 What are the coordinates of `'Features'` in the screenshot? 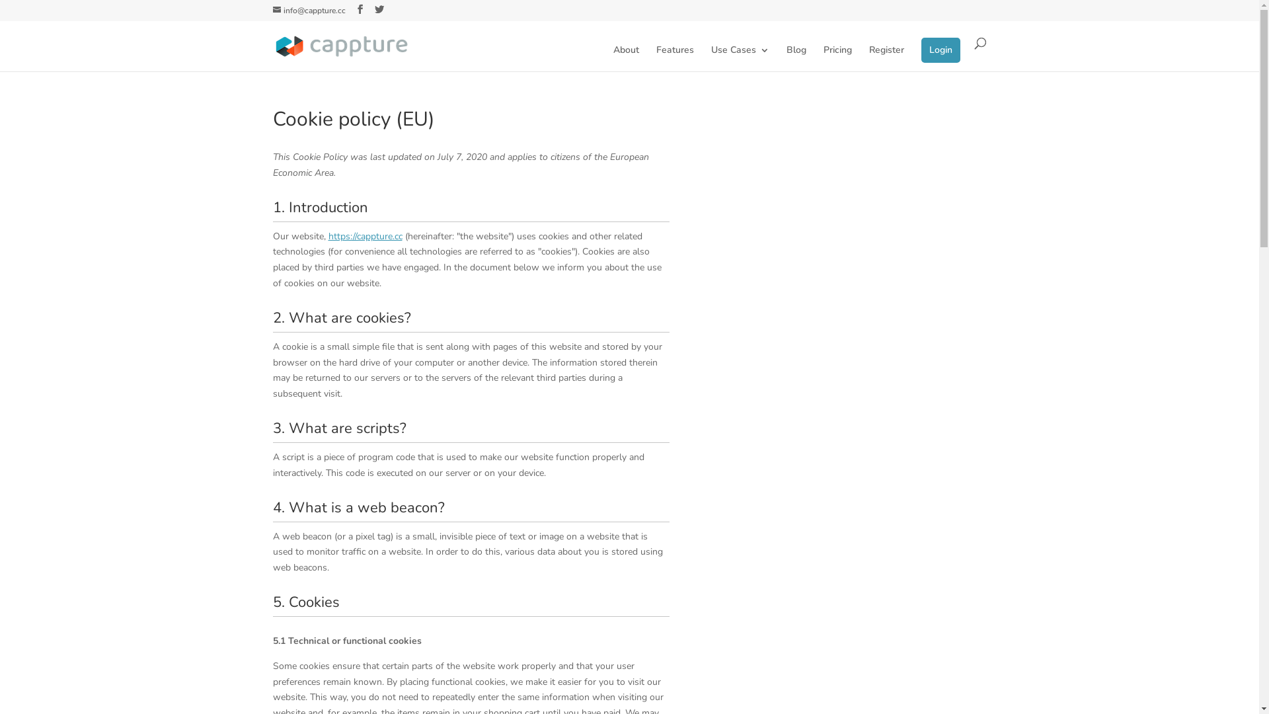 It's located at (674, 58).